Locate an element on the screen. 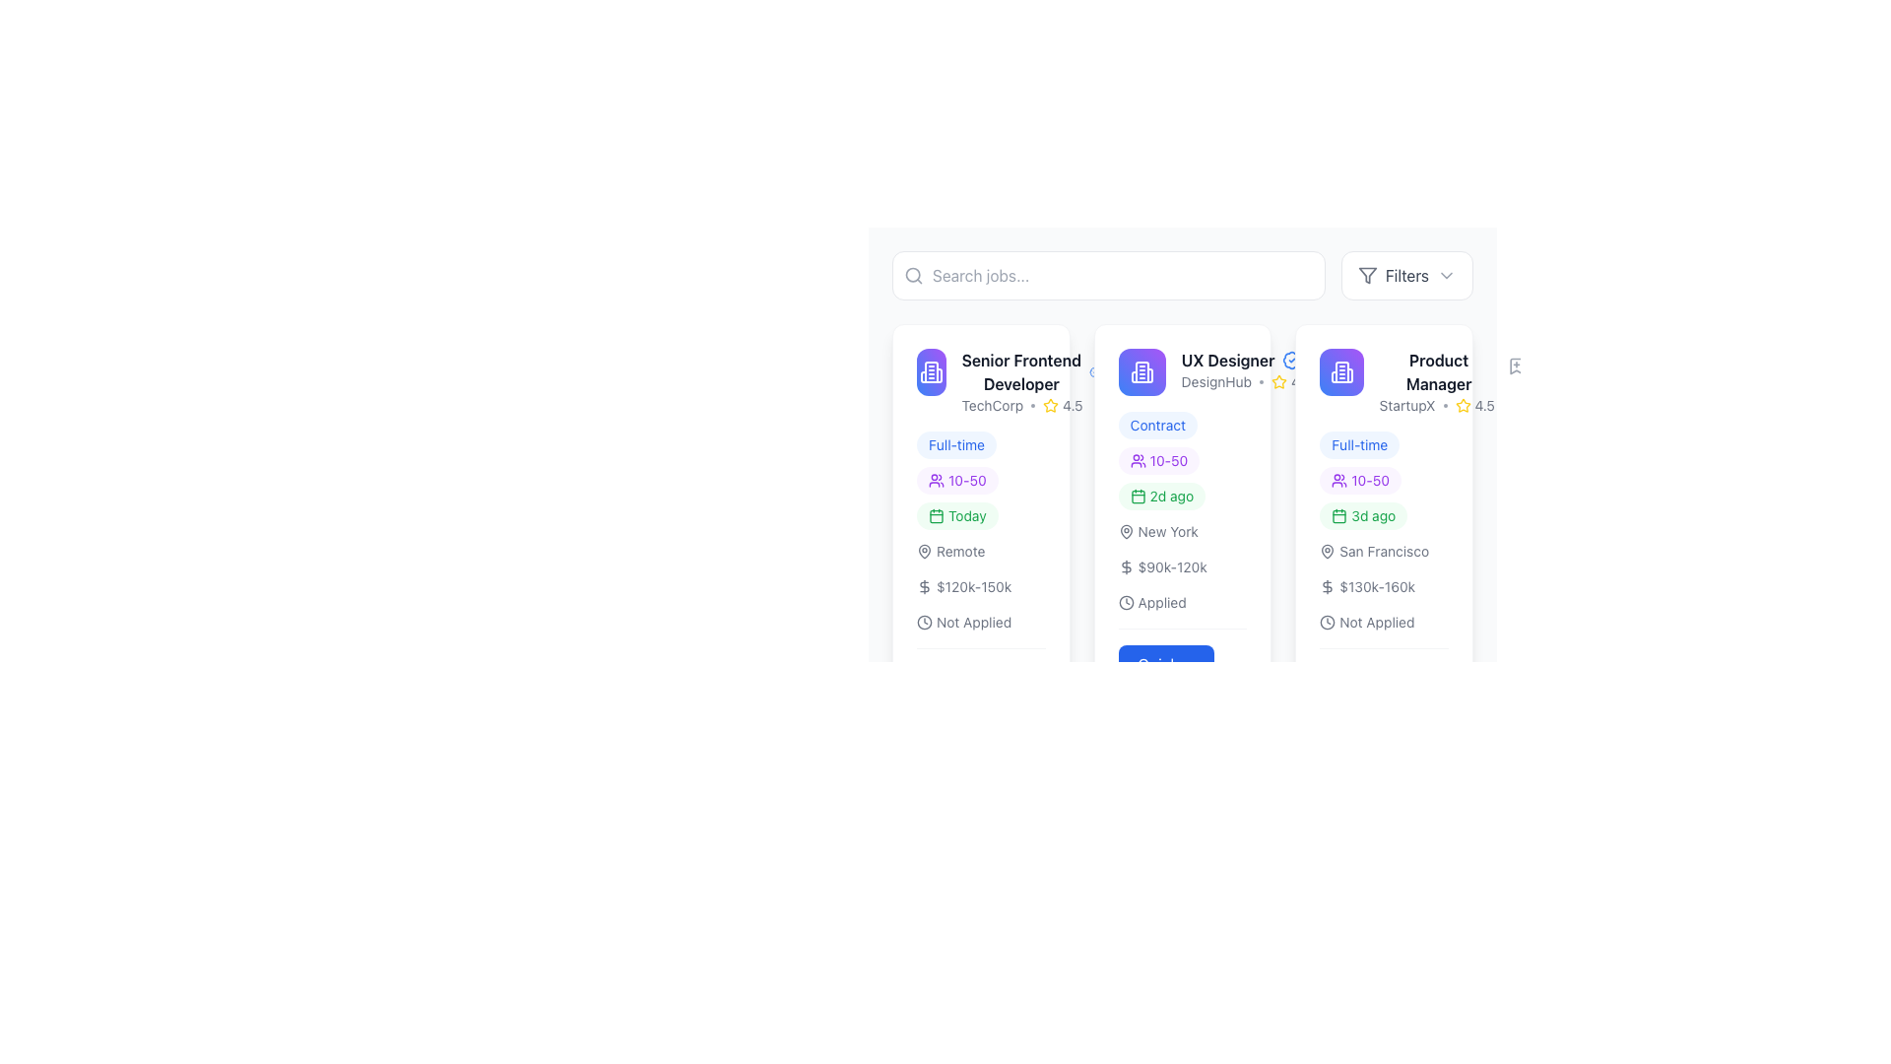  the button located centrally at the bottom section of the 'UX Designer' job card is located at coordinates (1166, 675).